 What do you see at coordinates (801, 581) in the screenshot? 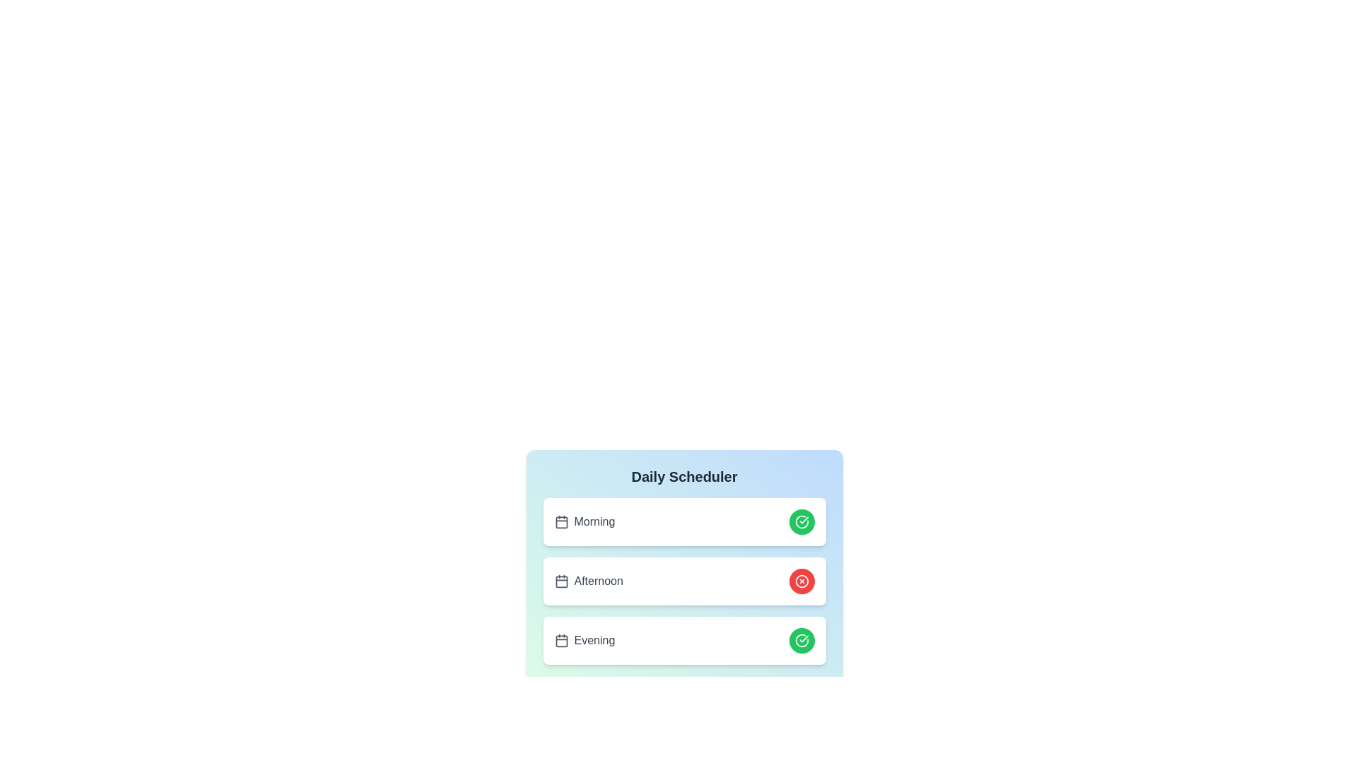
I see `red button corresponding to 'Afternoon' to toggle its schedule status` at bounding box center [801, 581].